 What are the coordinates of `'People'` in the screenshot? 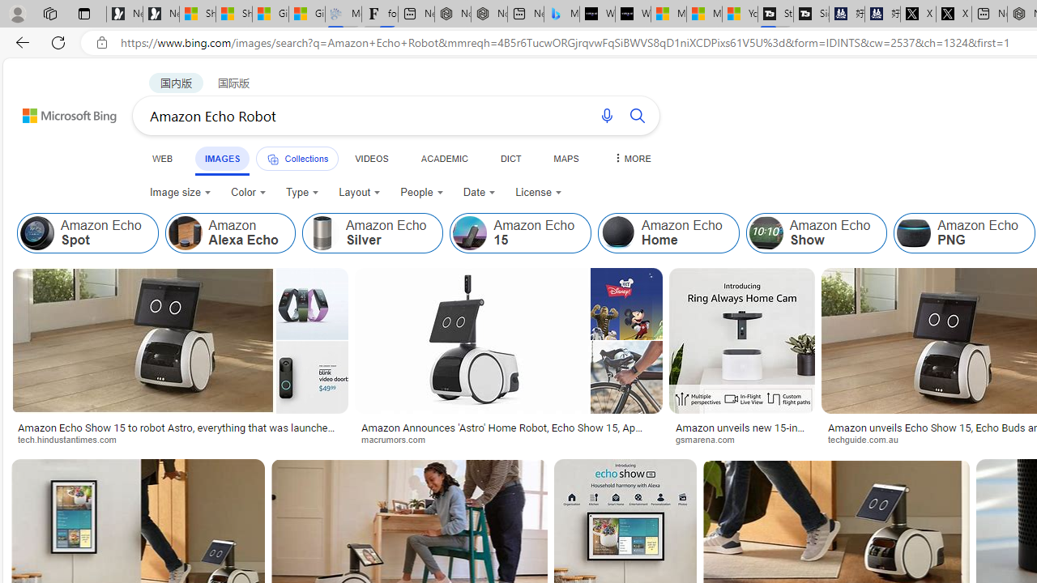 It's located at (422, 191).